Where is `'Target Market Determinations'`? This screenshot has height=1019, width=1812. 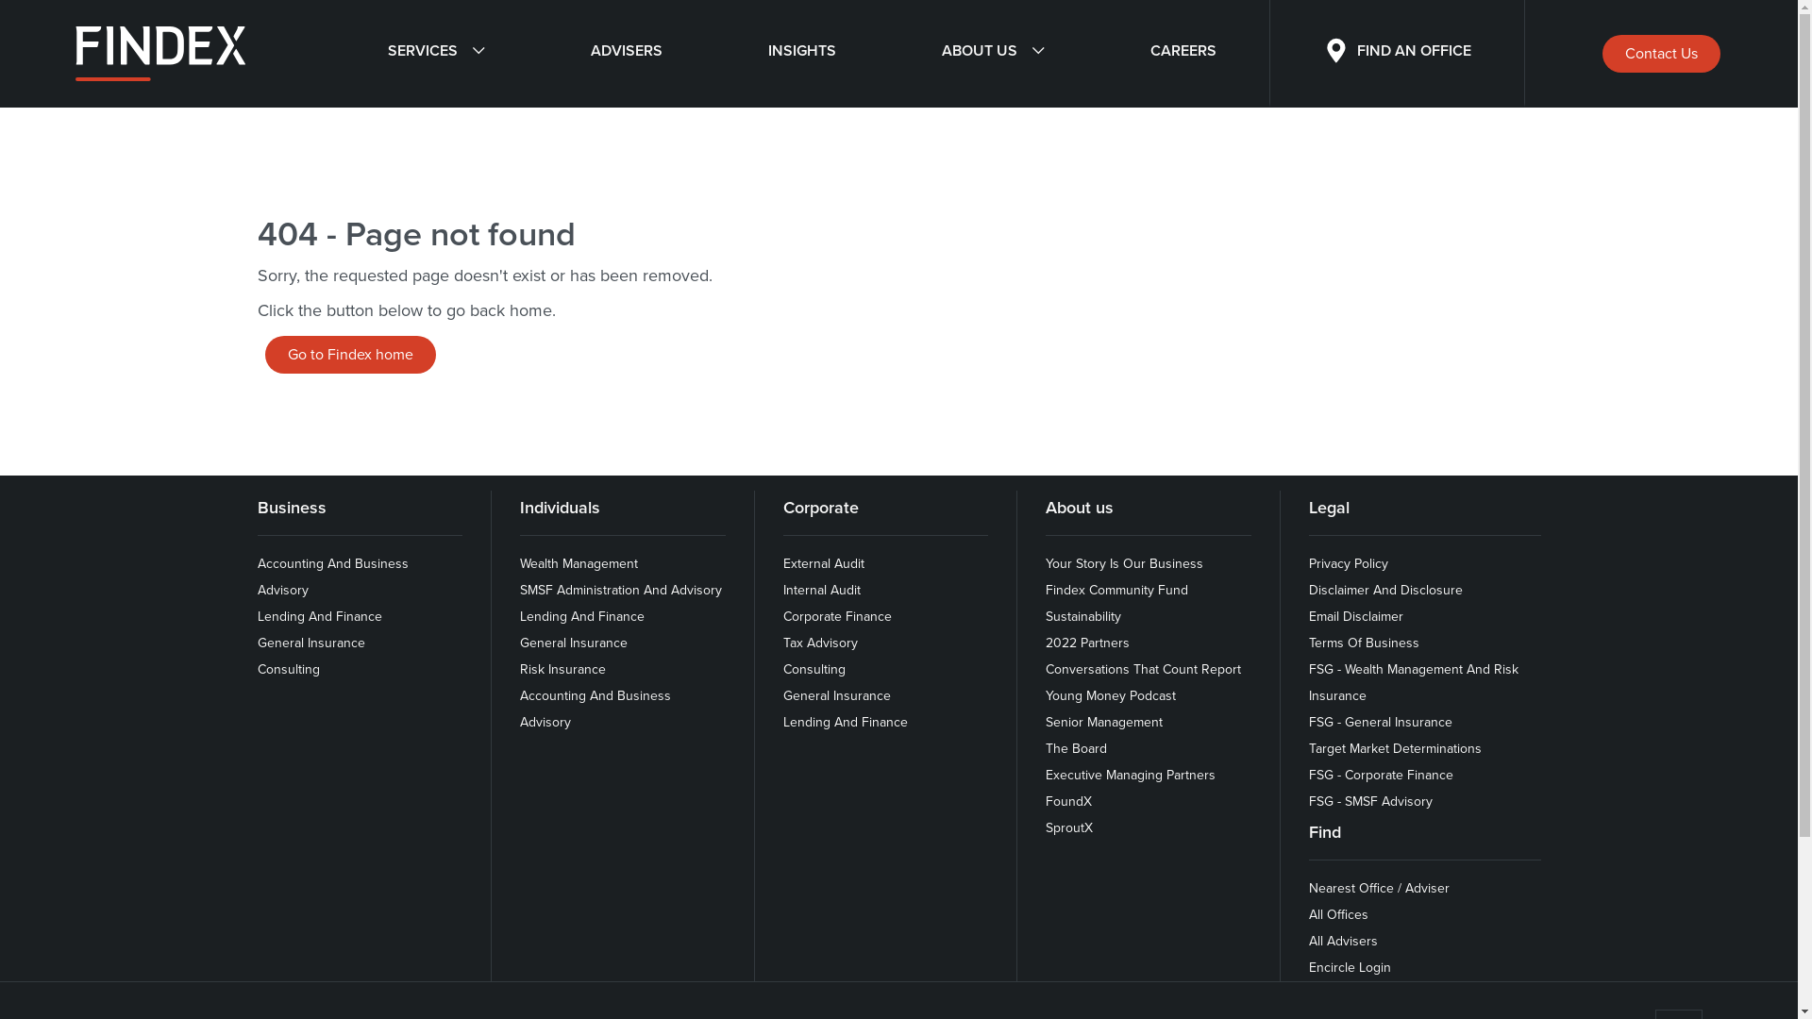 'Target Market Determinations' is located at coordinates (1395, 747).